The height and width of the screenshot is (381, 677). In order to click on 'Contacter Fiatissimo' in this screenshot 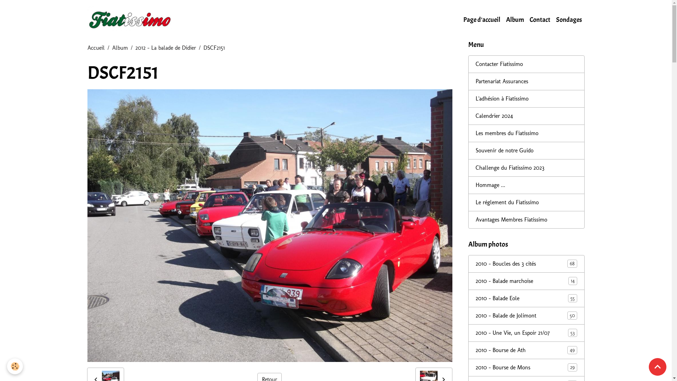, I will do `click(526, 64)`.